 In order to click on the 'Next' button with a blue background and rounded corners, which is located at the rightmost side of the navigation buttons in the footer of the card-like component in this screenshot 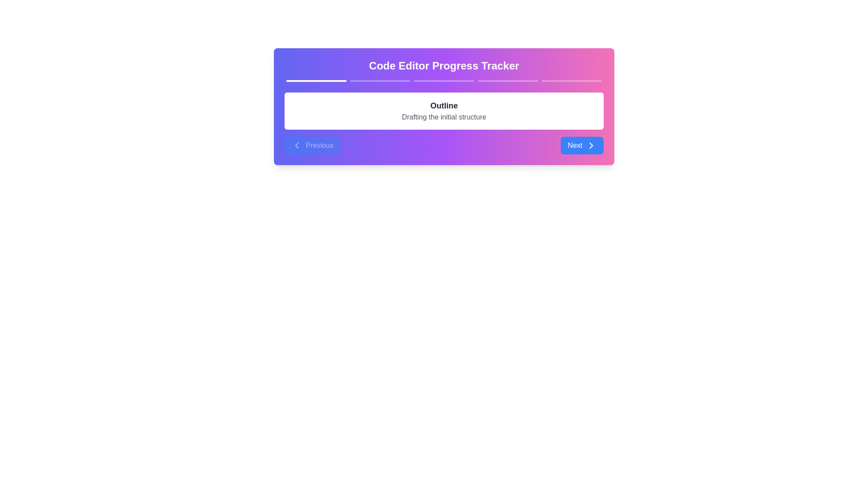, I will do `click(582, 145)`.